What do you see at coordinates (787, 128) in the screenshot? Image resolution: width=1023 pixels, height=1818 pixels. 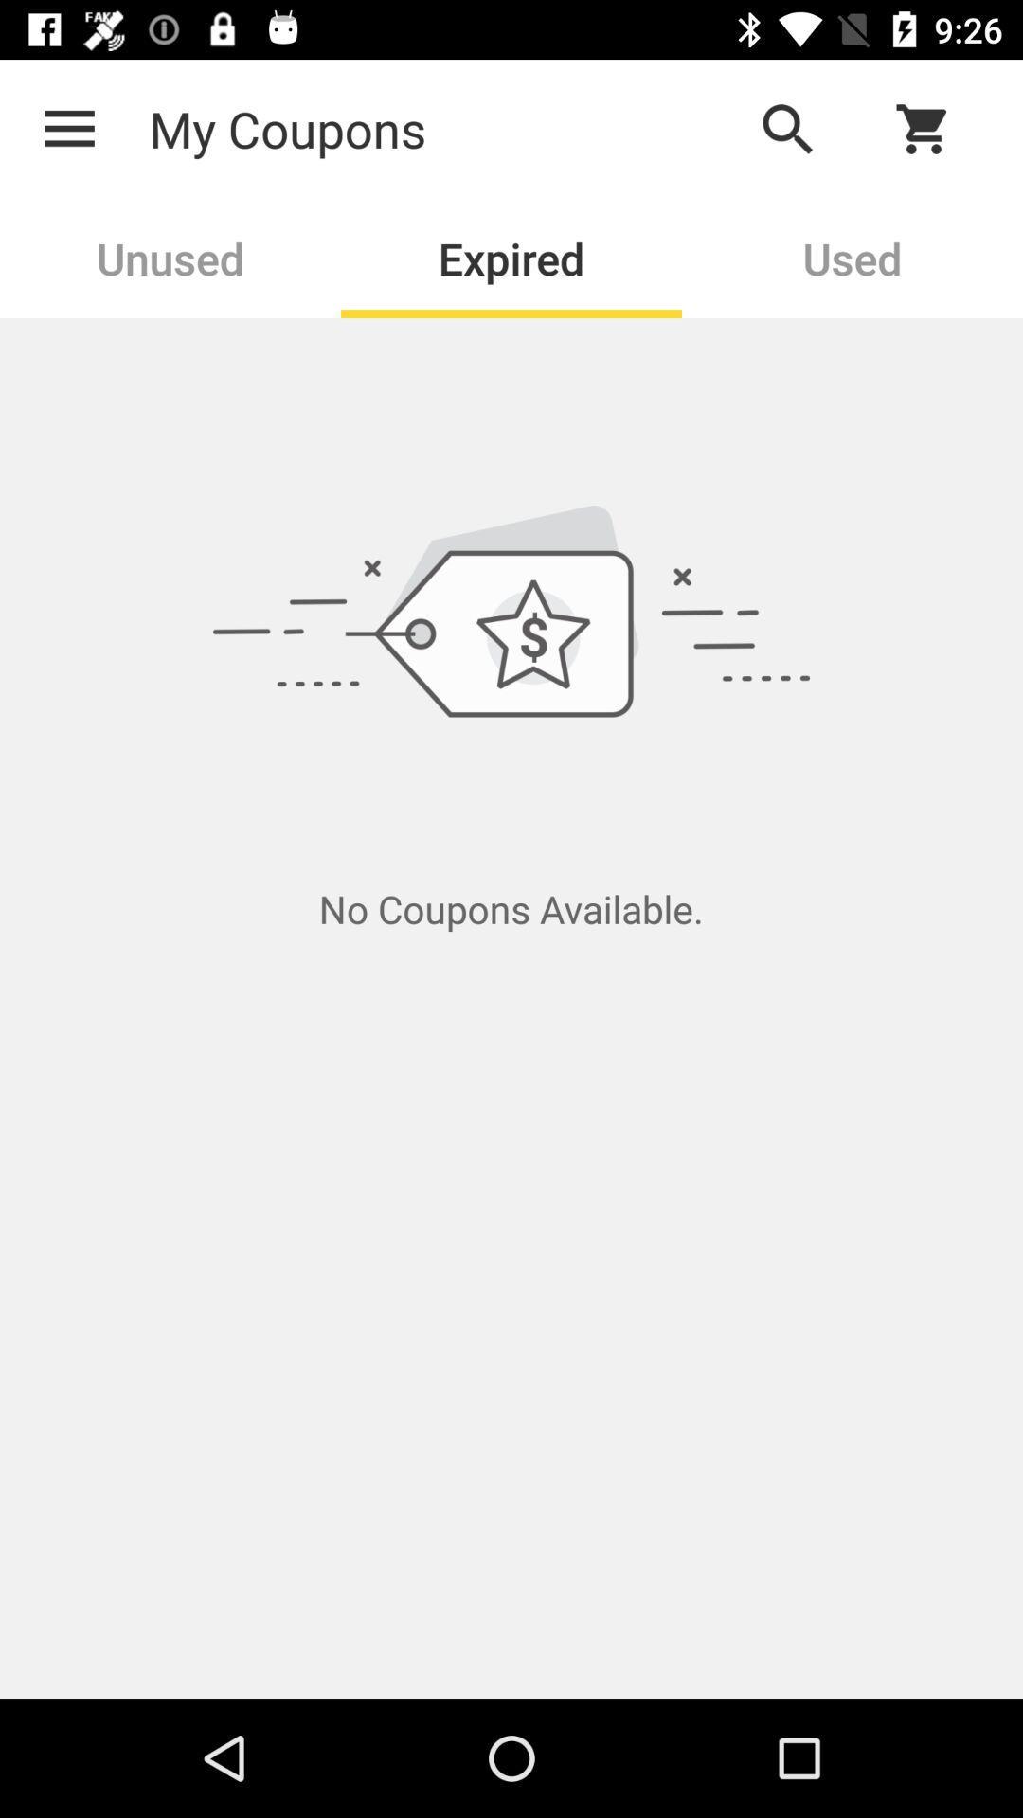 I see `the item next to my coupons icon` at bounding box center [787, 128].